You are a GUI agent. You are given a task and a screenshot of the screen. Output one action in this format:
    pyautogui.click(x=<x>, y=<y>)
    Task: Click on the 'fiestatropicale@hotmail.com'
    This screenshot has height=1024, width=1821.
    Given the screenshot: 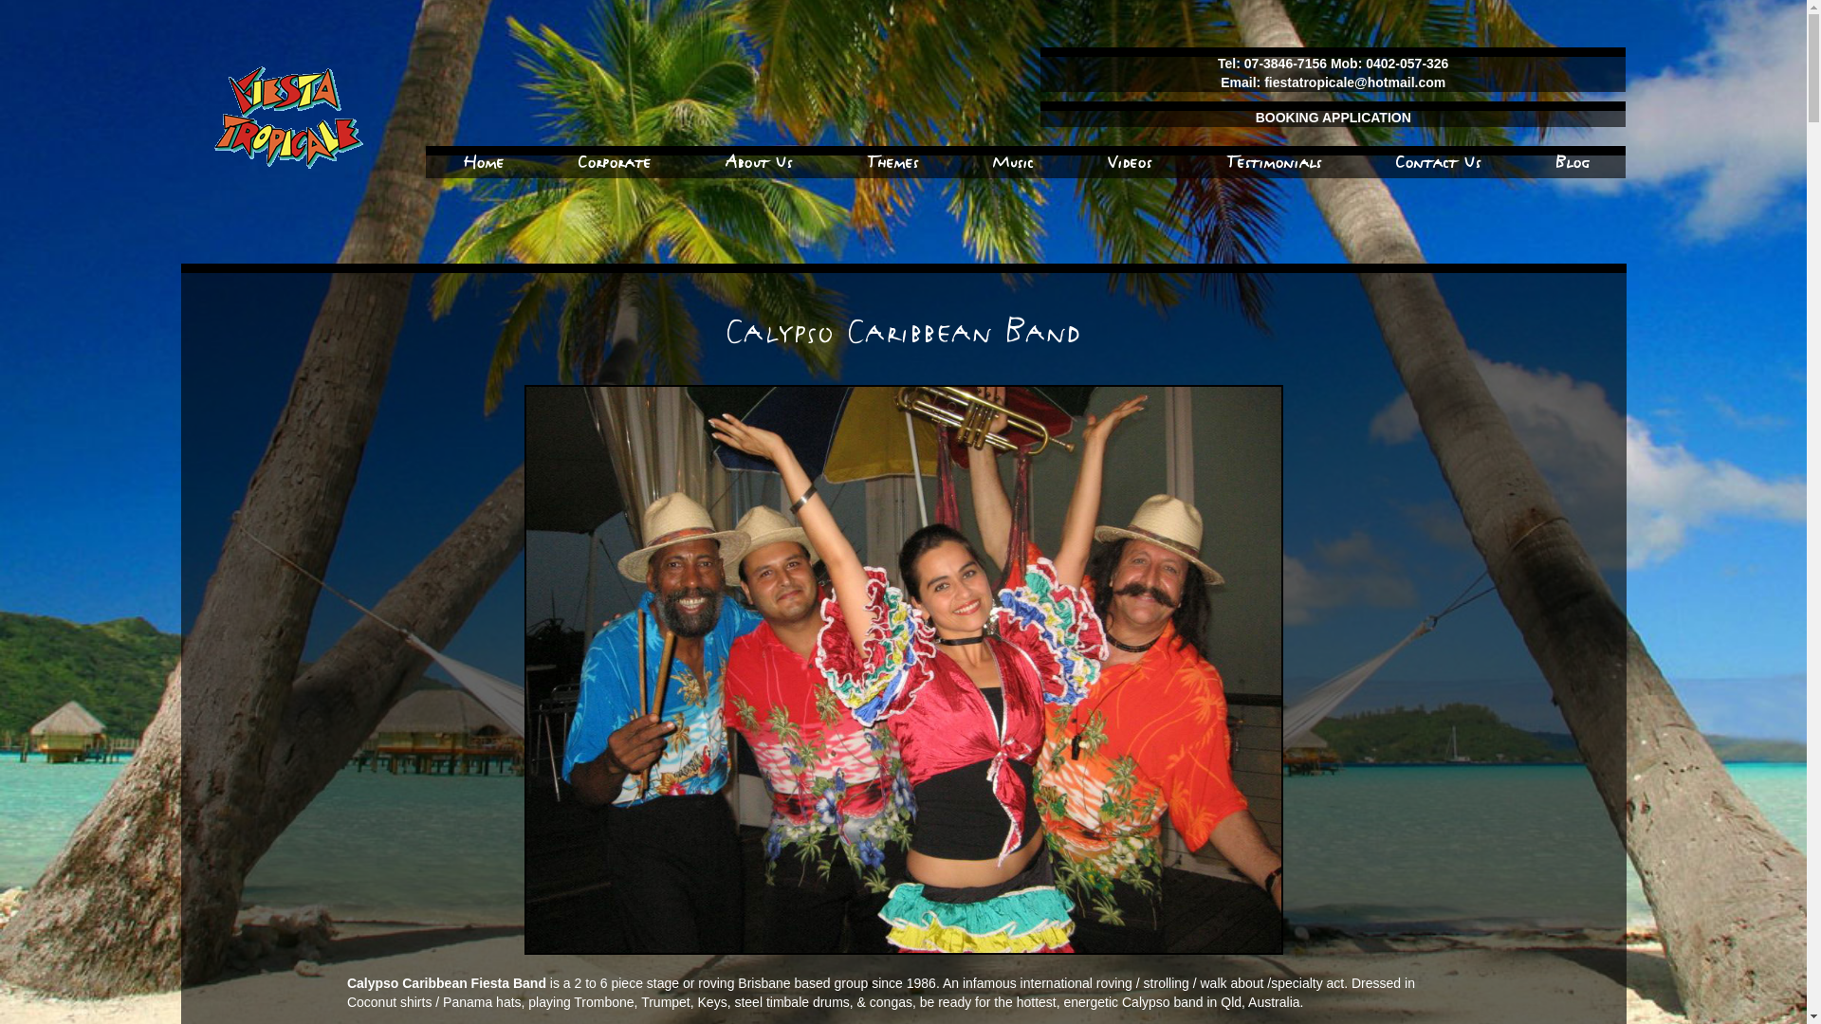 What is the action you would take?
    pyautogui.click(x=1264, y=82)
    